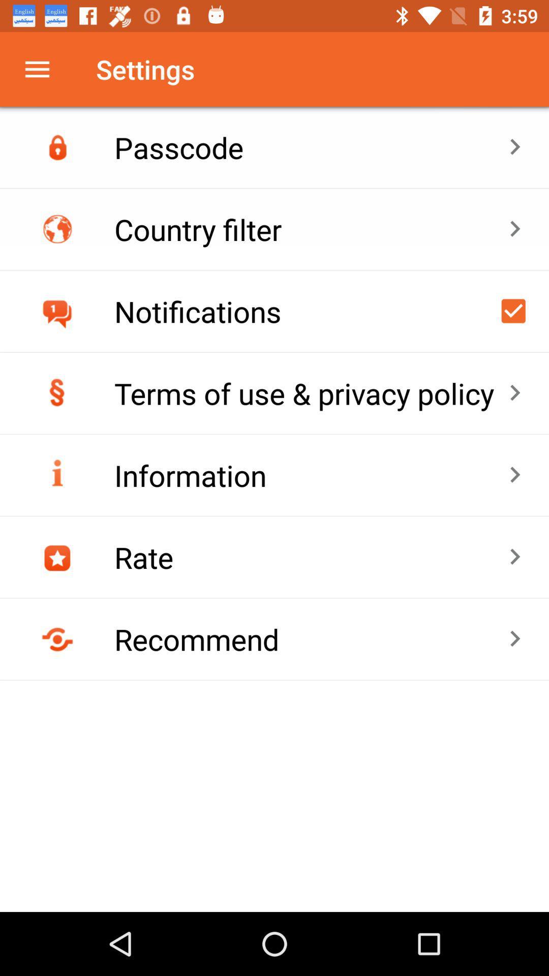 The image size is (549, 976). I want to click on icon above the information, so click(311, 392).